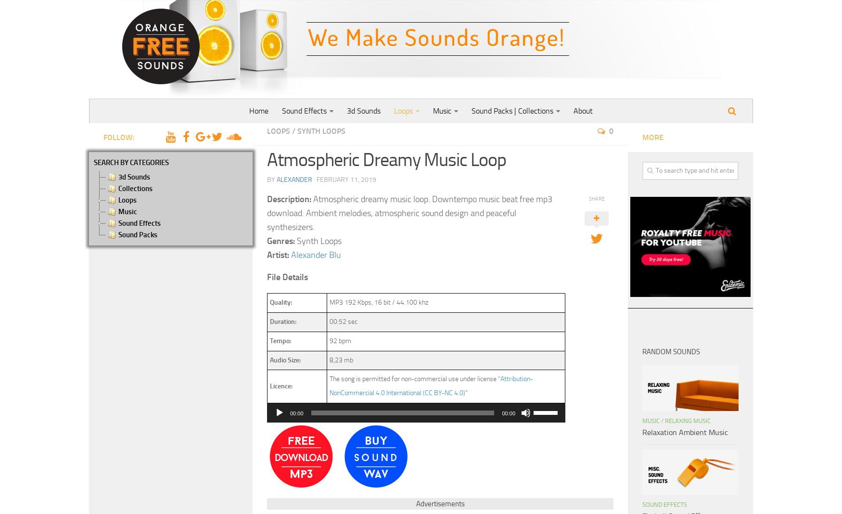 The width and height of the screenshot is (842, 514). Describe the element at coordinates (266, 241) in the screenshot. I see `'Genres:'` at that location.